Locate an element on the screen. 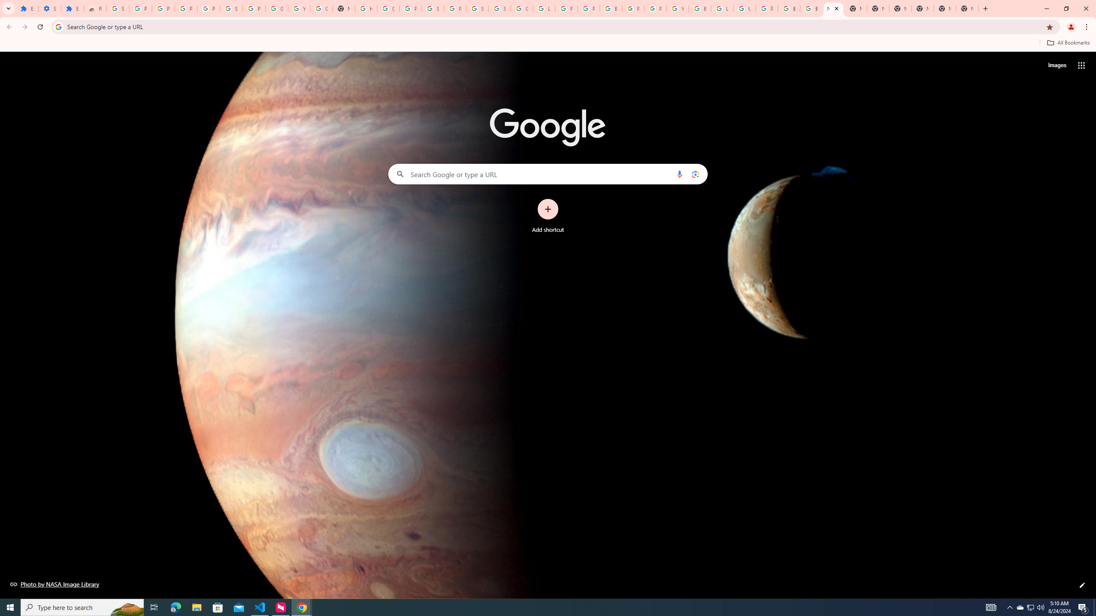 The height and width of the screenshot is (616, 1096). 'Sign in - Google Accounts' is located at coordinates (432, 8).